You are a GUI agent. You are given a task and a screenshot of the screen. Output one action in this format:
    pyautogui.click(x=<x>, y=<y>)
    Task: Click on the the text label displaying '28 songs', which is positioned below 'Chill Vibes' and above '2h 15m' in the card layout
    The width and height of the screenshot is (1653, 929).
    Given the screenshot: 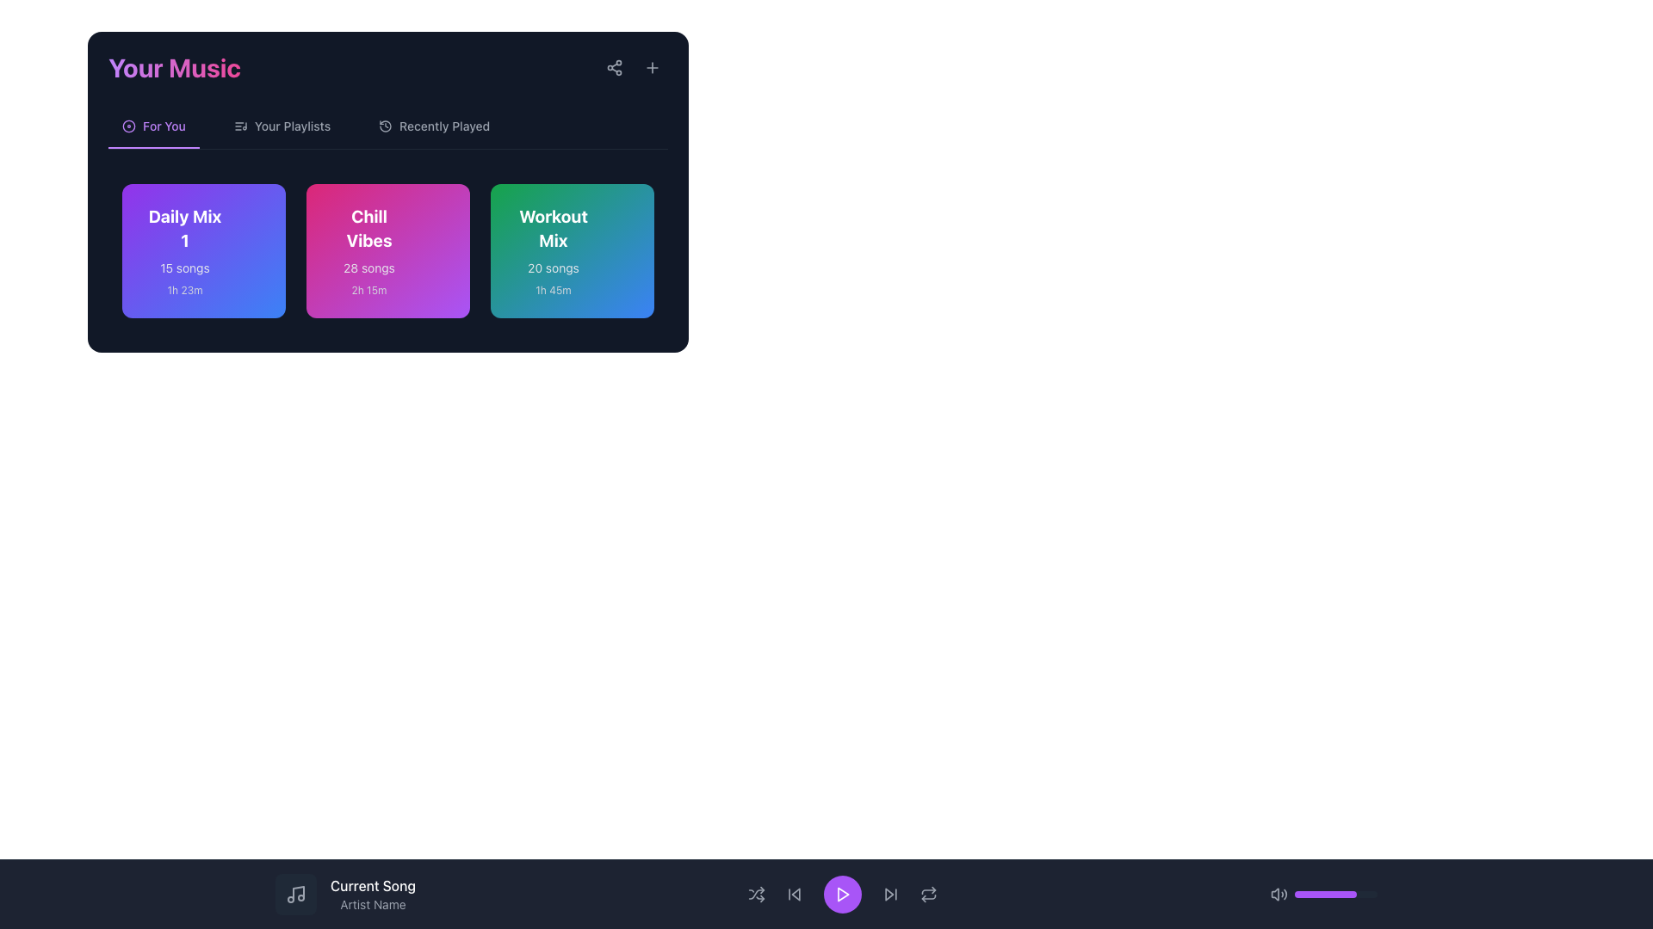 What is the action you would take?
    pyautogui.click(x=368, y=268)
    